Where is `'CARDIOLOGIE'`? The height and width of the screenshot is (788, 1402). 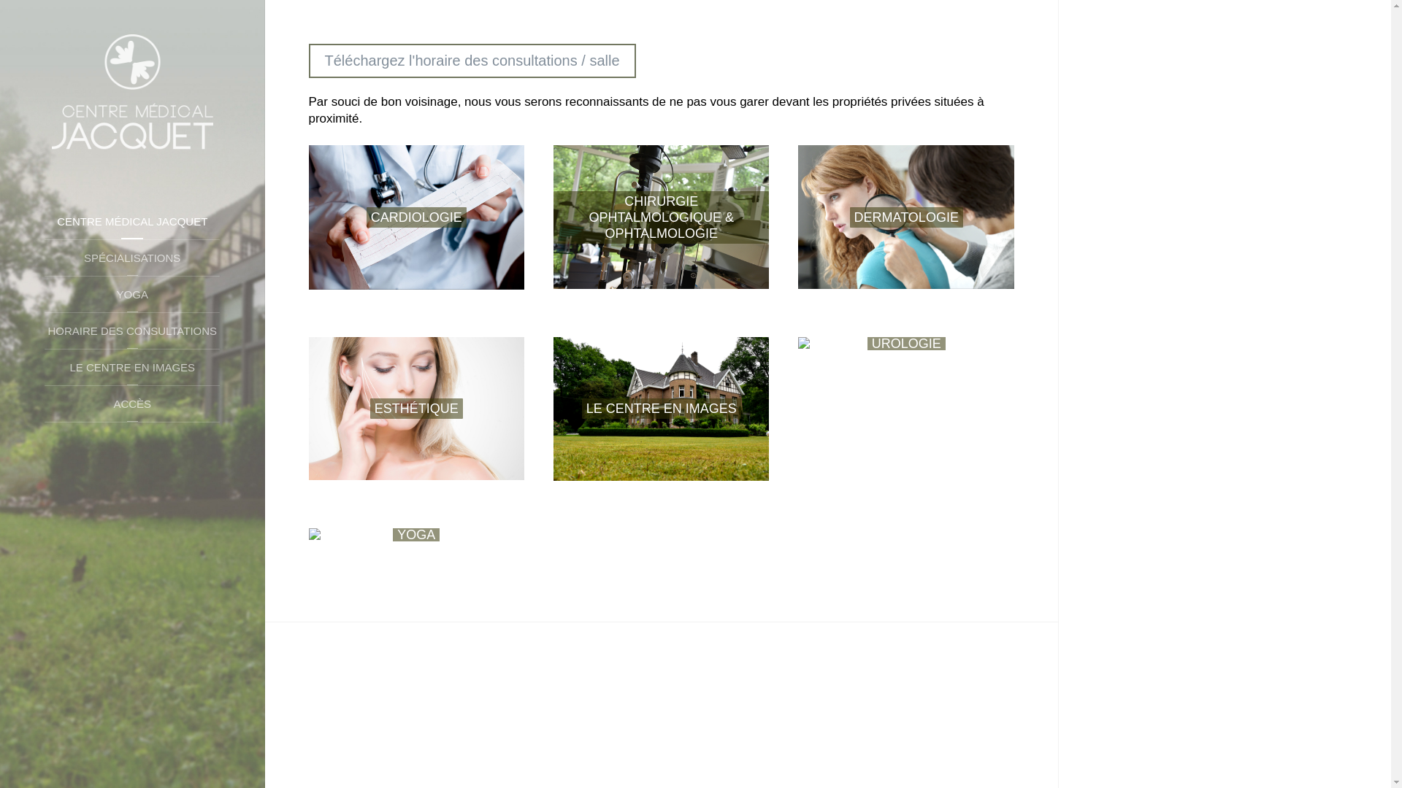 'CARDIOLOGIE' is located at coordinates (415, 217).